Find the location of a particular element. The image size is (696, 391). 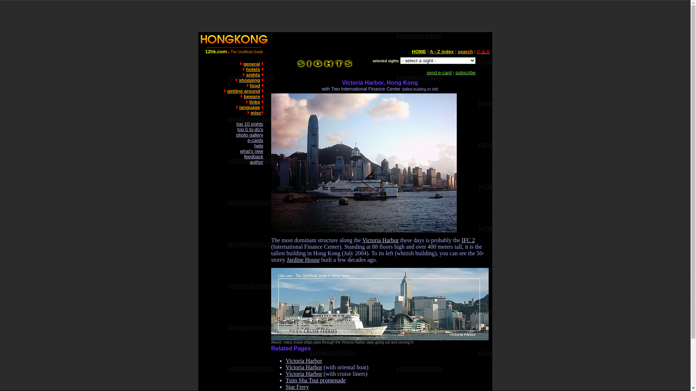

'Advertisement' is located at coordinates (344, 16).